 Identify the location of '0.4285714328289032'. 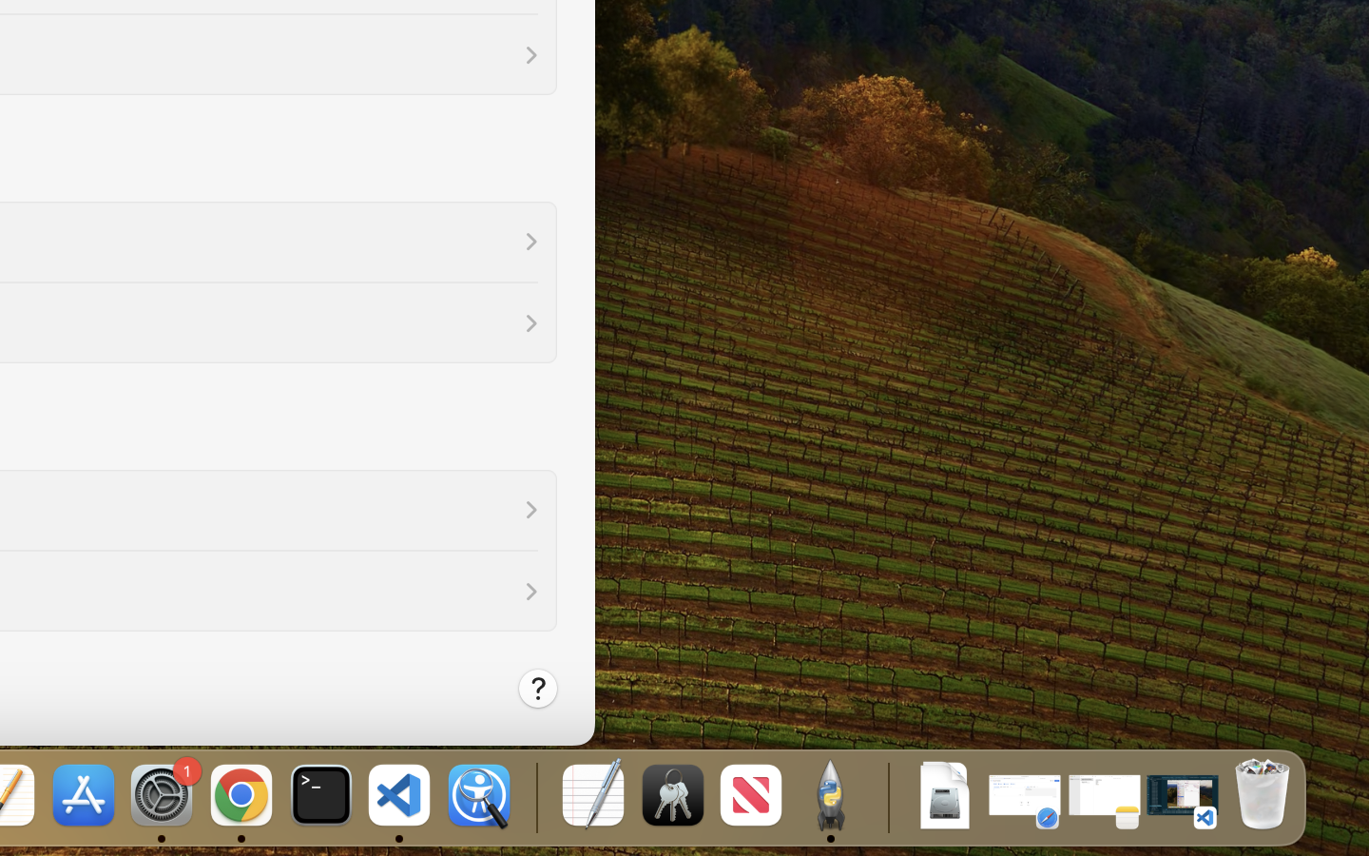
(534, 796).